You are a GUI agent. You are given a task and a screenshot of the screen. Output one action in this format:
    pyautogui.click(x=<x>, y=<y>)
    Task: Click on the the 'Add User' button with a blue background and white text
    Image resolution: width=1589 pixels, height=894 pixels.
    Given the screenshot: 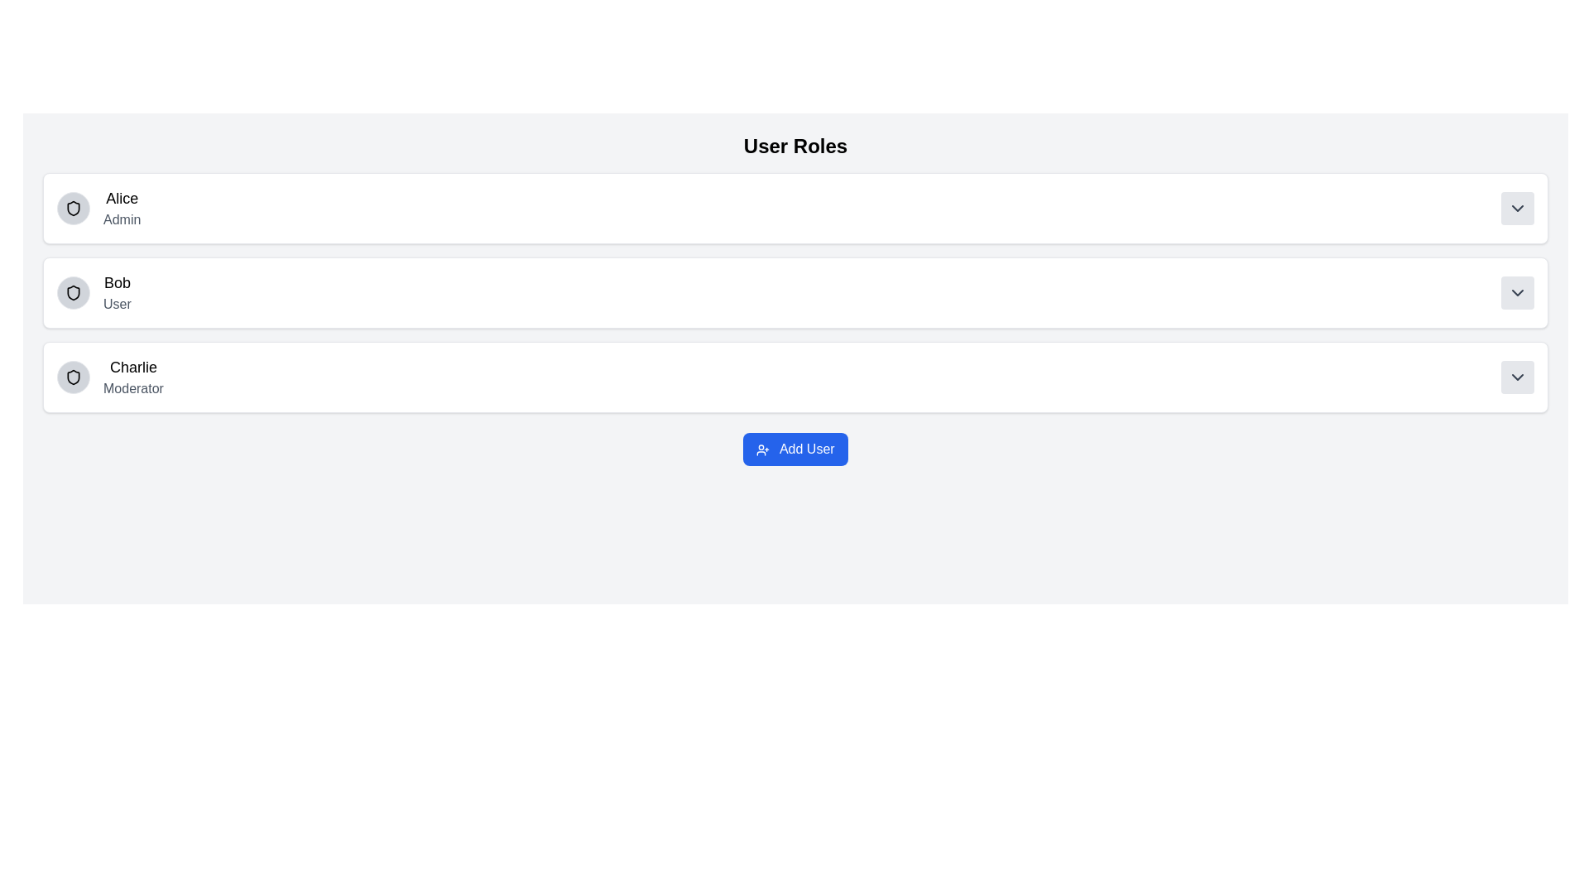 What is the action you would take?
    pyautogui.click(x=795, y=449)
    